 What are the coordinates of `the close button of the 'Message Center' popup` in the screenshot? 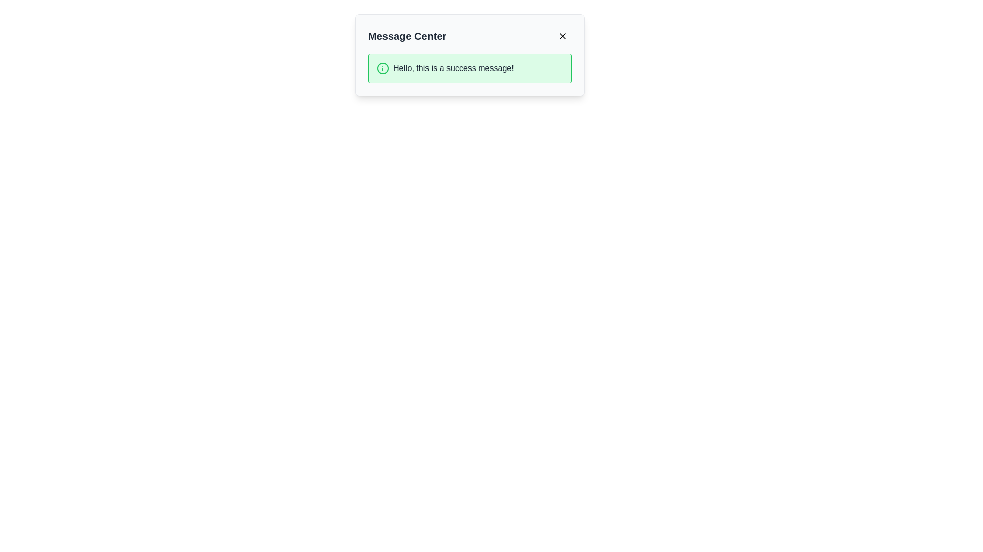 It's located at (562, 35).